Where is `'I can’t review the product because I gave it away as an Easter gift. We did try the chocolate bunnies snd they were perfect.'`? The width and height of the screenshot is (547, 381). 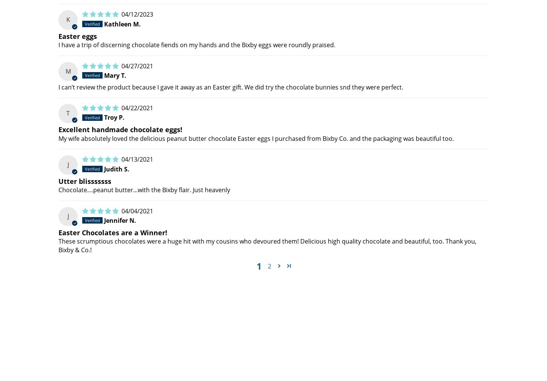 'I can’t review the product because I gave it away as an Easter gift. We did try the chocolate bunnies snd they were perfect.' is located at coordinates (230, 86).